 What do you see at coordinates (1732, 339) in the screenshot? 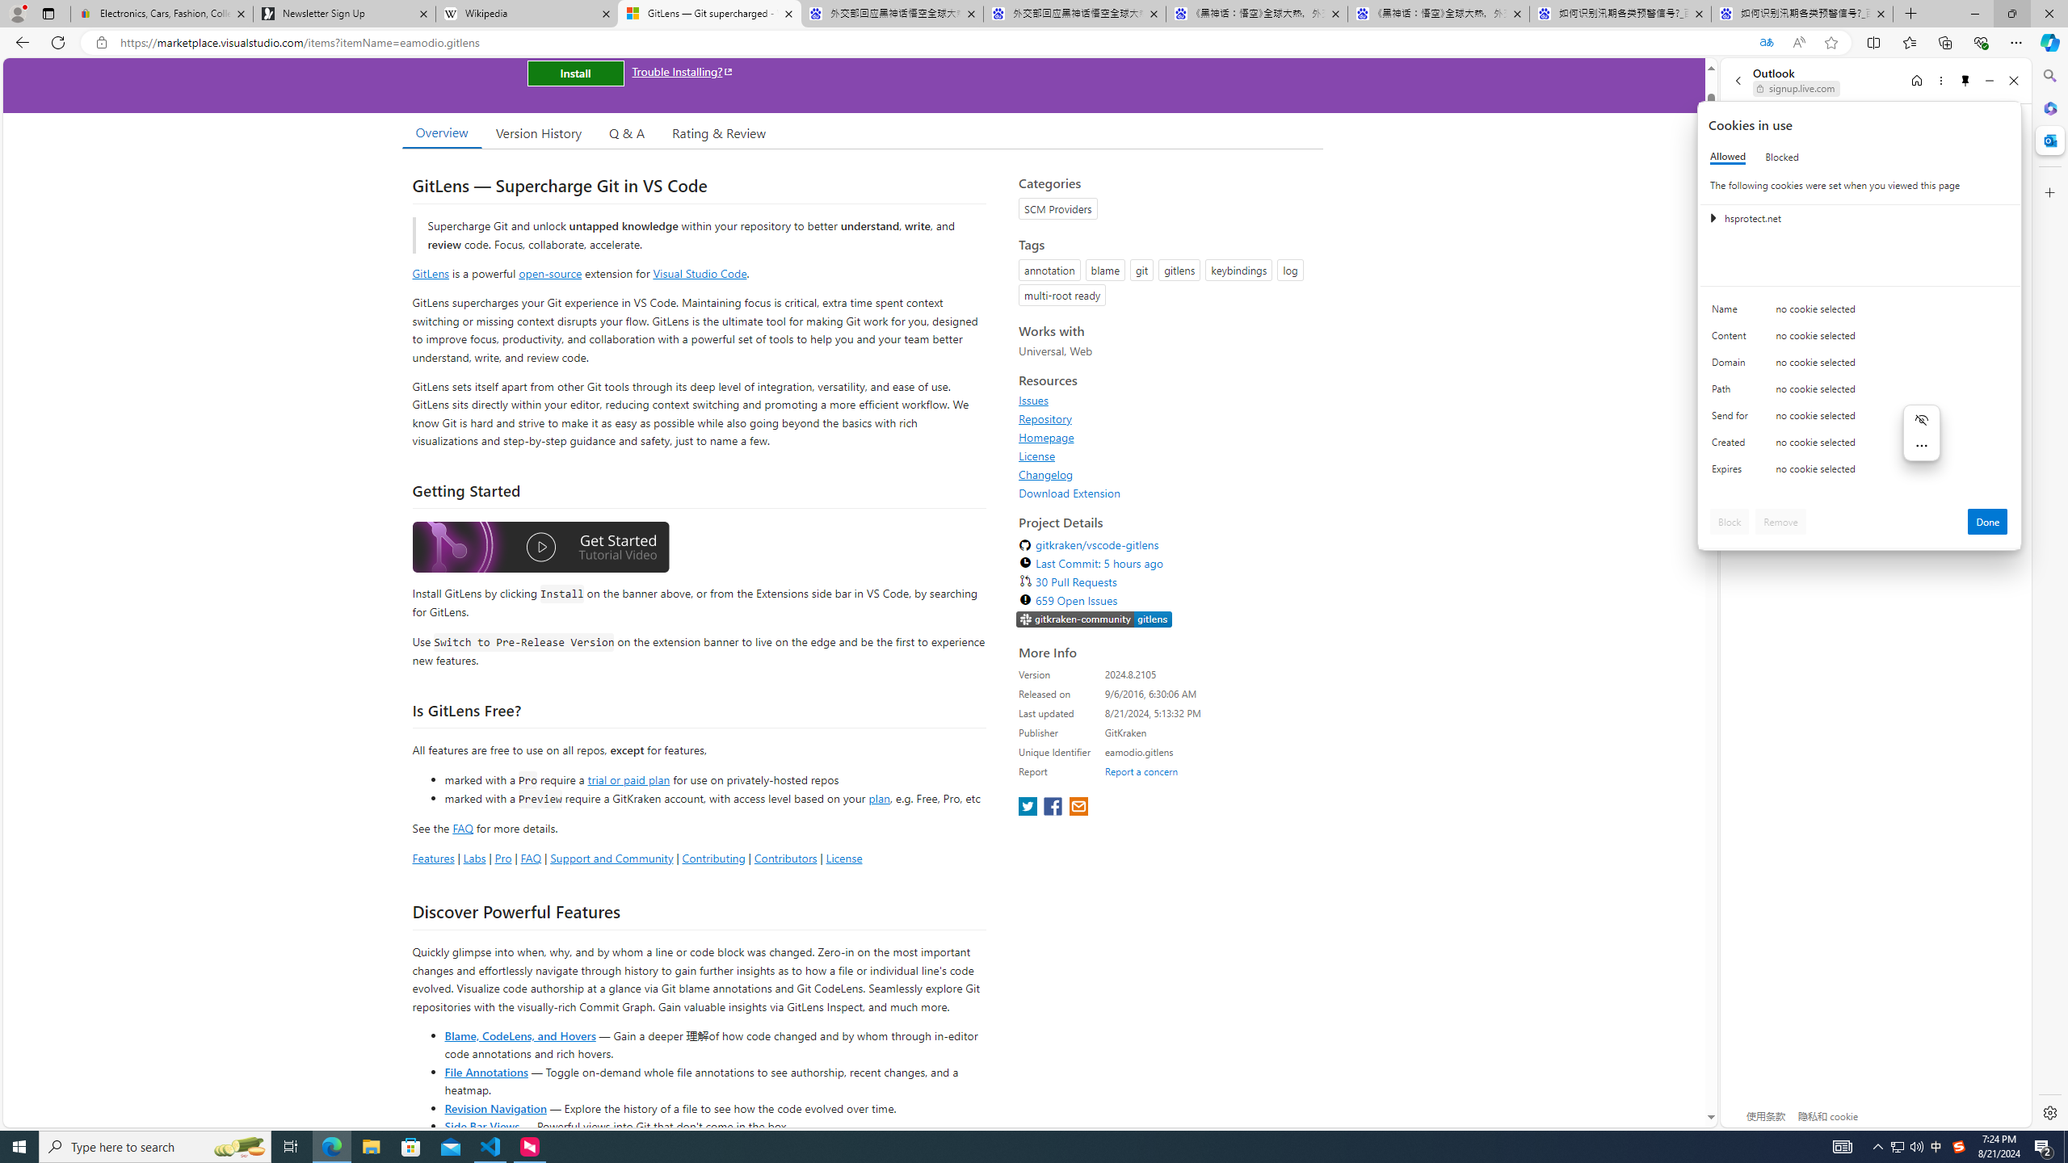
I see `'Content'` at bounding box center [1732, 339].